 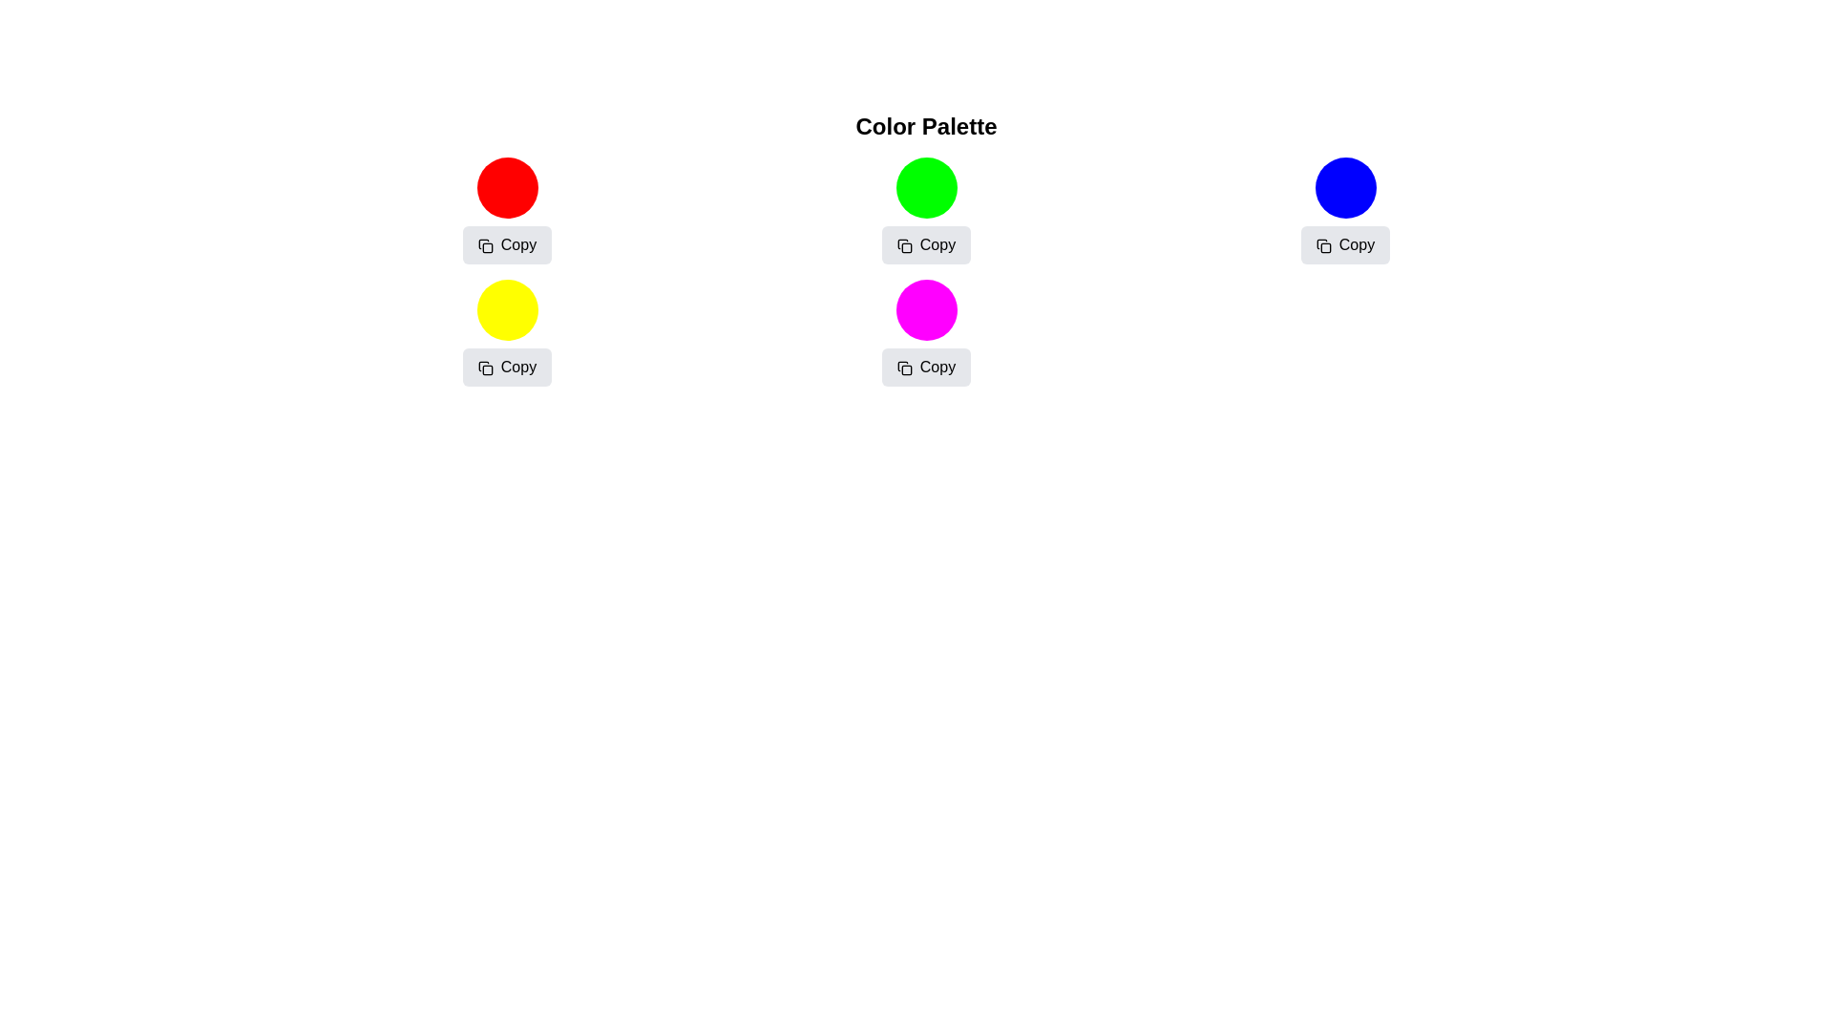 I want to click on the copy icon located inside the 'Copy' button positioned below the yellow circle in the second column from the left, so click(x=485, y=368).